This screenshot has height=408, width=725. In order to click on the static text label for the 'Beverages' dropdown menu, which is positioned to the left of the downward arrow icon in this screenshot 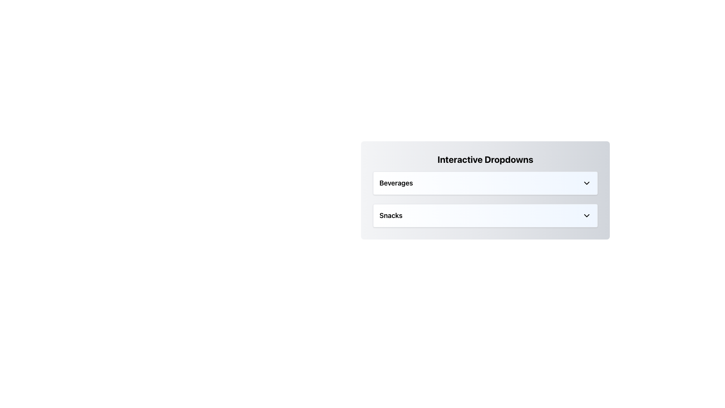, I will do `click(396, 183)`.